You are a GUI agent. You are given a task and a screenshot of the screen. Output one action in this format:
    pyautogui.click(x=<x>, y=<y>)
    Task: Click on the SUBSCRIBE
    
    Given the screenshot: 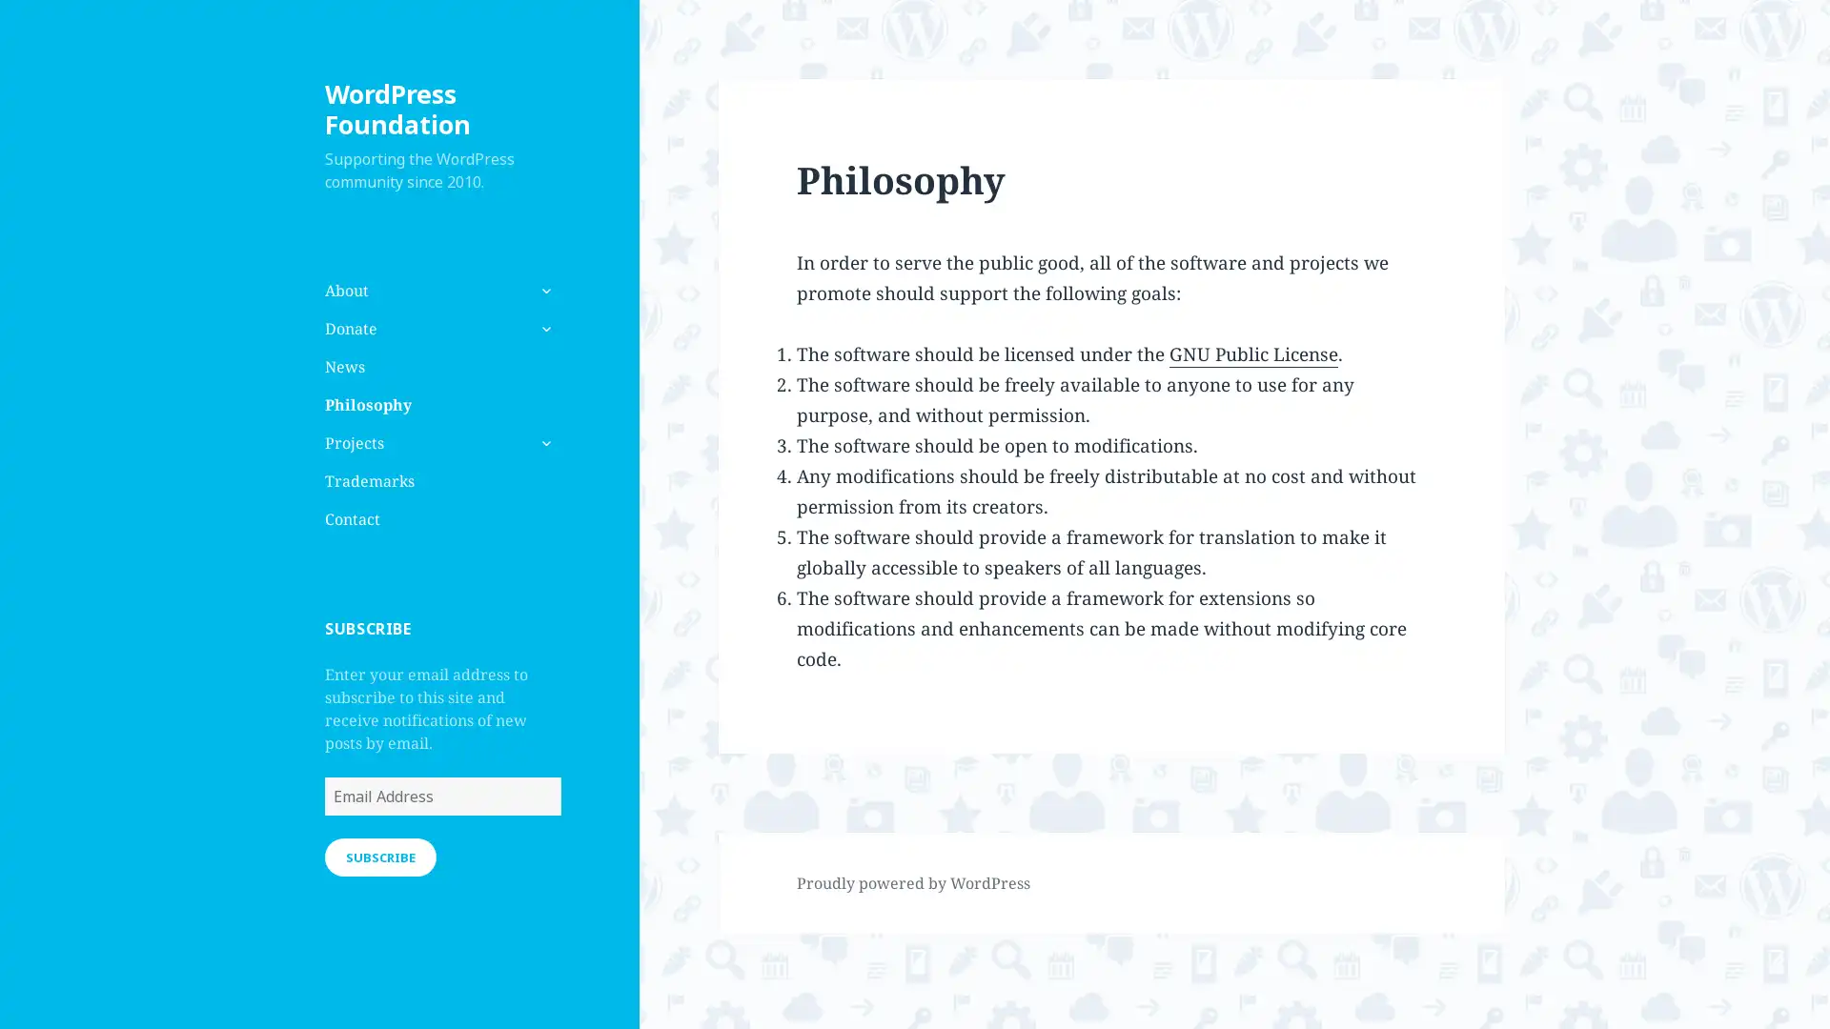 What is the action you would take?
    pyautogui.click(x=379, y=855)
    